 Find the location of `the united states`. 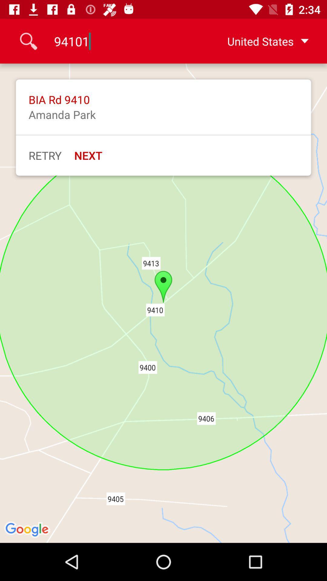

the united states is located at coordinates (258, 41).